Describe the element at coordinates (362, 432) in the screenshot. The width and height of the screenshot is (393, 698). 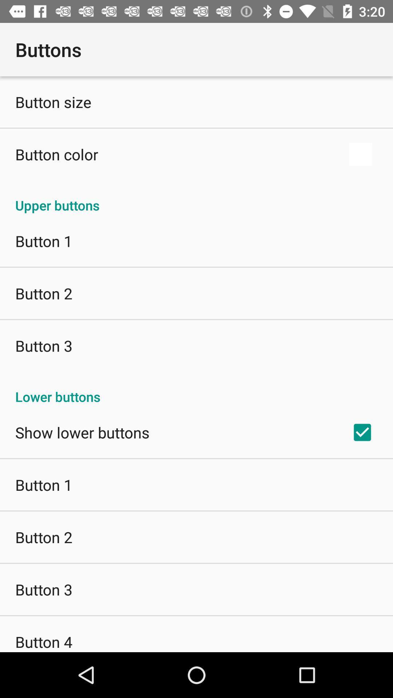
I see `the checkbox on the right` at that location.